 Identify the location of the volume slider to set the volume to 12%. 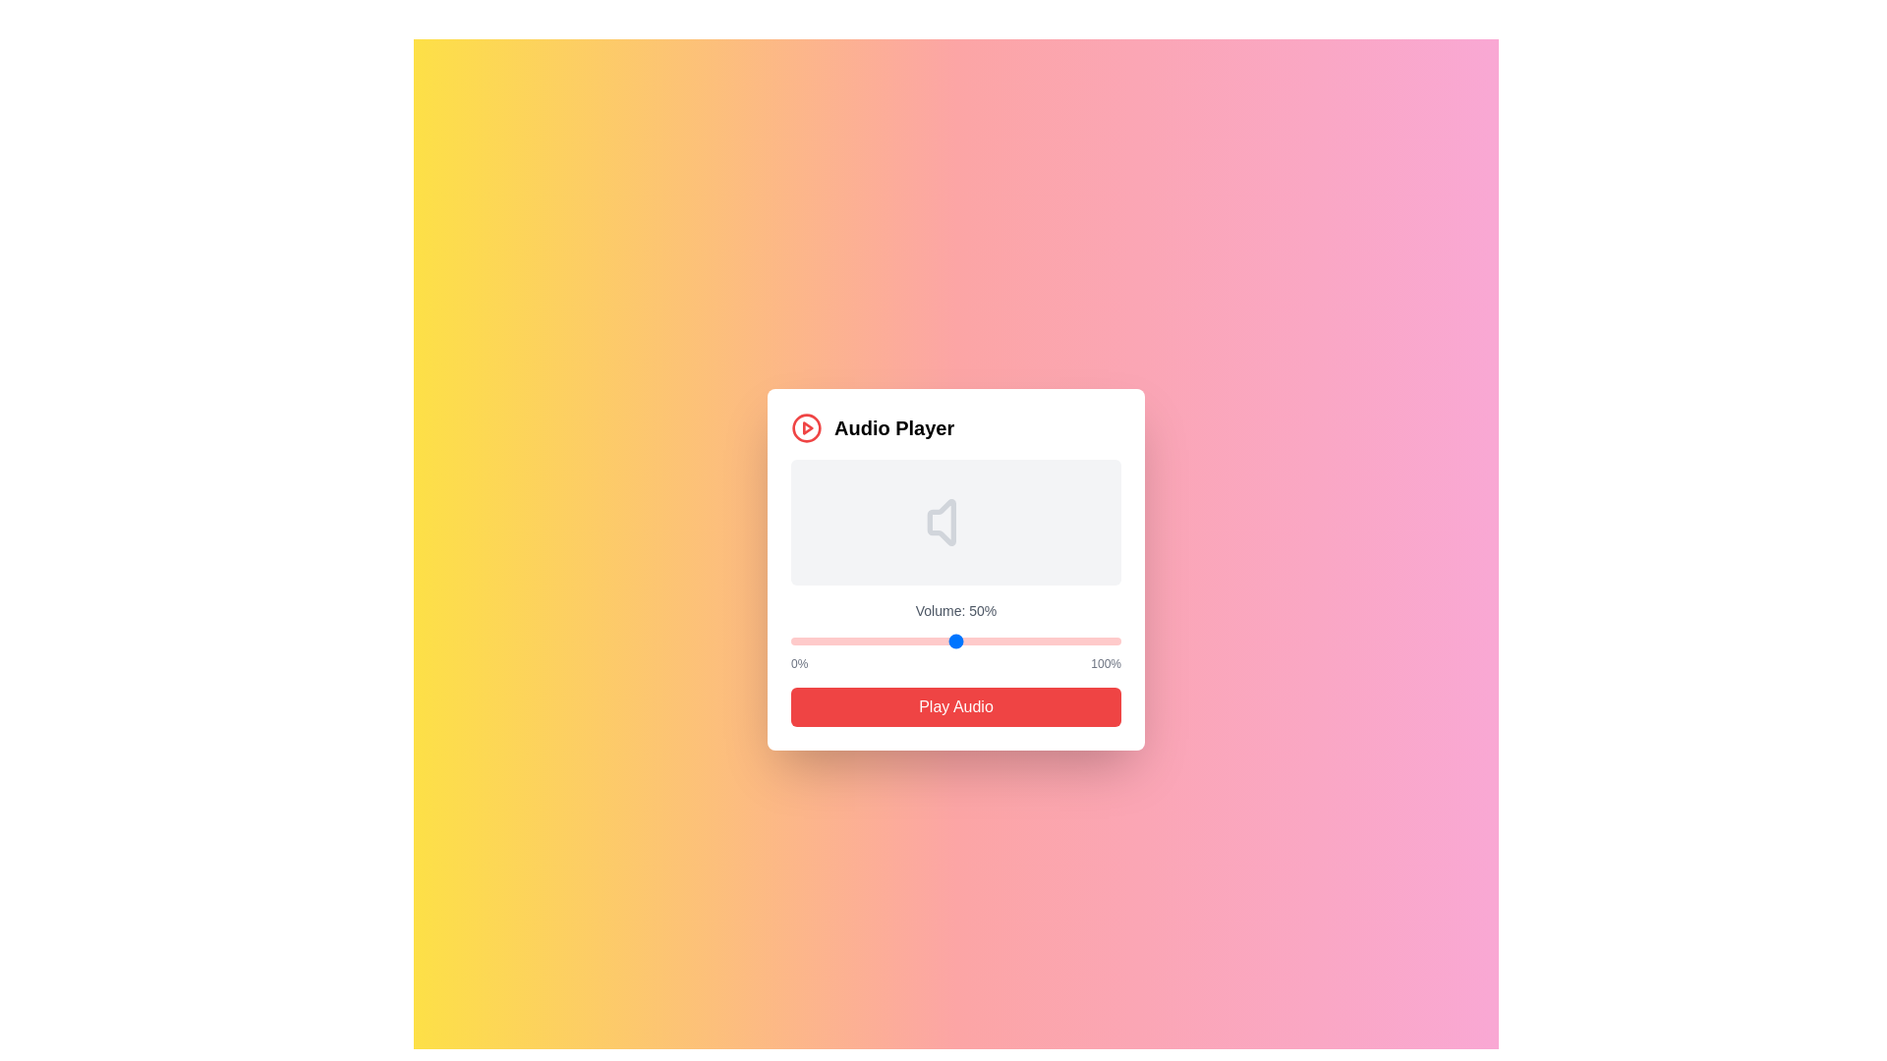
(830, 641).